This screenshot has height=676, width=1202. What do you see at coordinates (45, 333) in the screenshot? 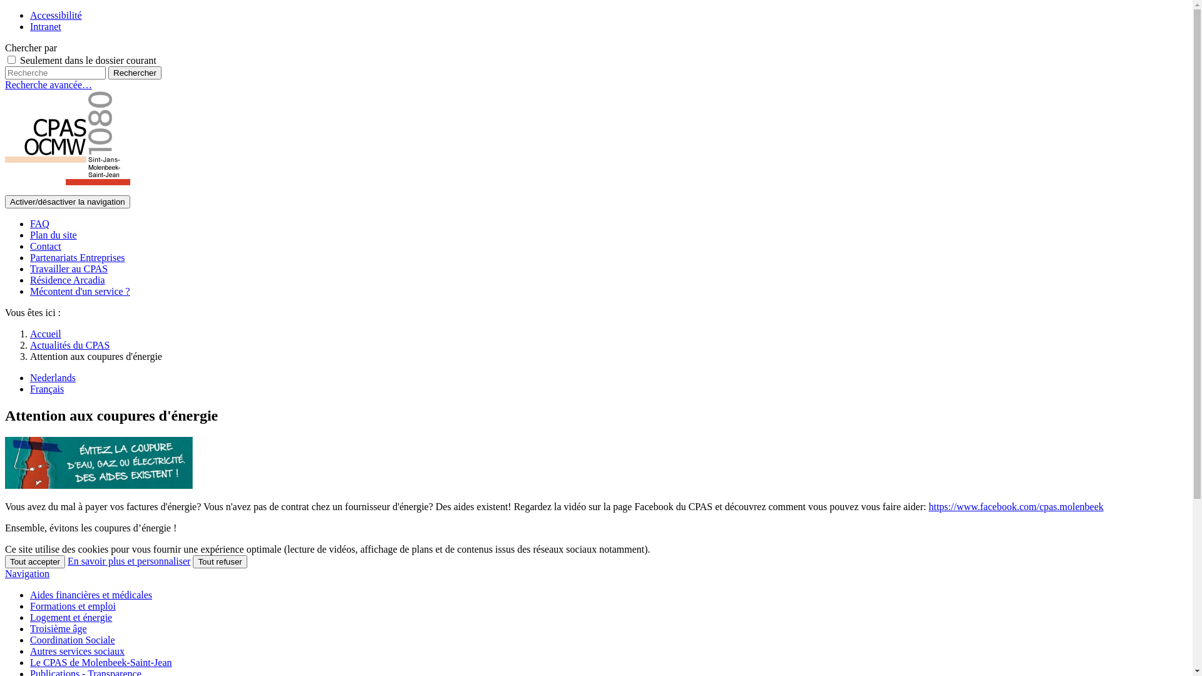
I see `'Accueil'` at bounding box center [45, 333].